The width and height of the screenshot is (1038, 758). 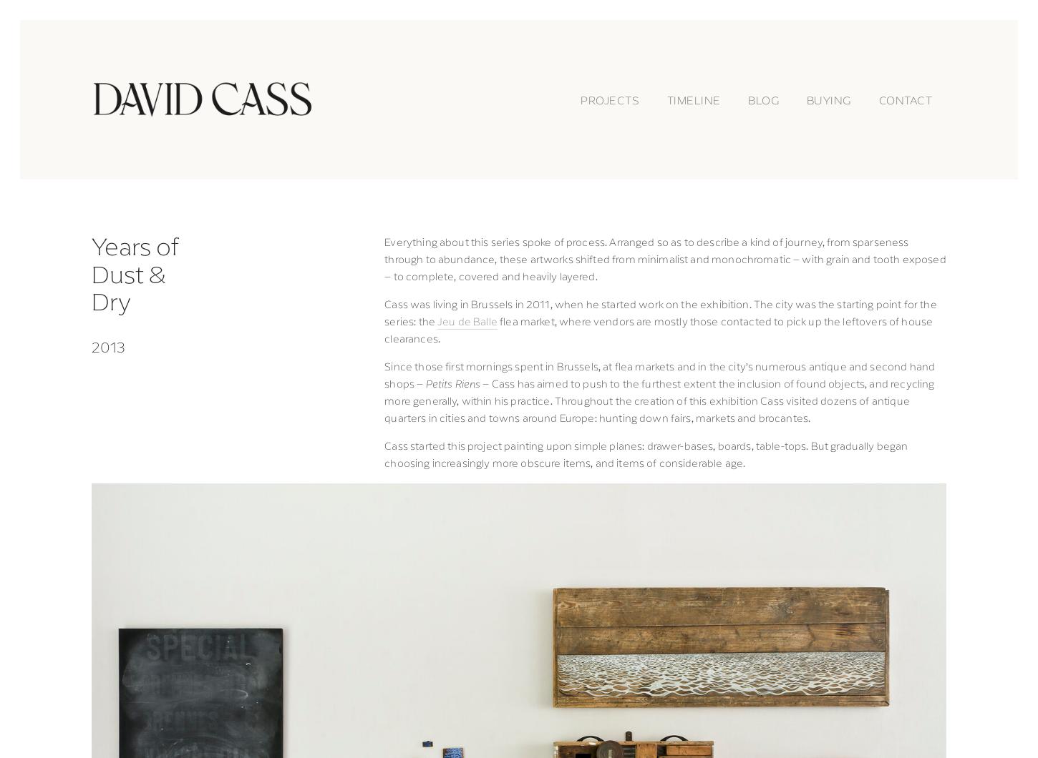 I want to click on 'Timeline', so click(x=693, y=98).